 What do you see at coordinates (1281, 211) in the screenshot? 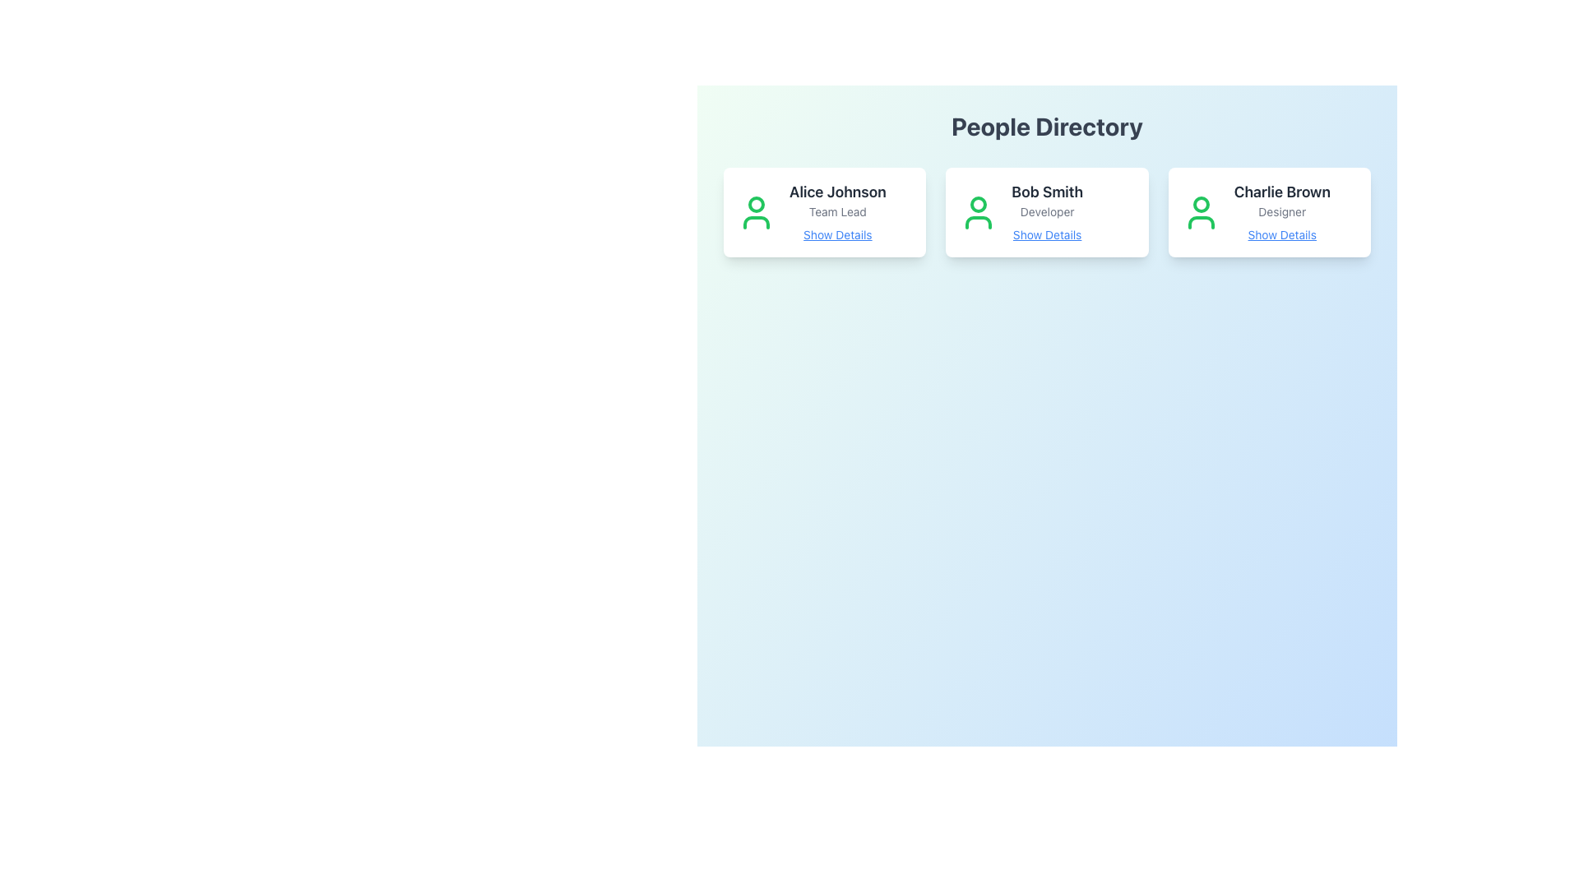
I see `the 'Designer' text label, which is styled in a smaller, muted font and is positioned vertically between 'Charlie Brown' above and 'Show Details' below within the rightmost card of the 'People Directory' interface` at bounding box center [1281, 211].